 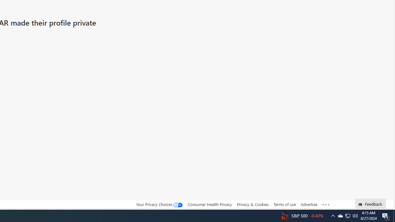 I want to click on 'Class: oneFooter_seeMore-DS-EntryPoint1-1', so click(x=326, y=204).